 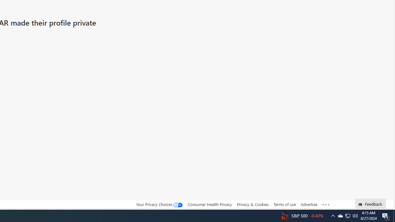 I want to click on 'Class: oneFooter_seeMore-DS-EntryPoint1-1', so click(x=326, y=204).